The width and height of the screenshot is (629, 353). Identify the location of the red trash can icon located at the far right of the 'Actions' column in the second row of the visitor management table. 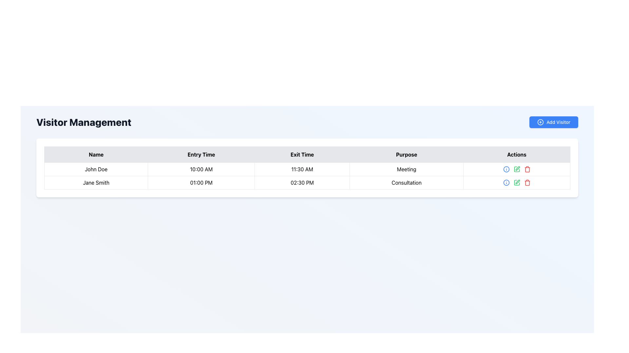
(527, 169).